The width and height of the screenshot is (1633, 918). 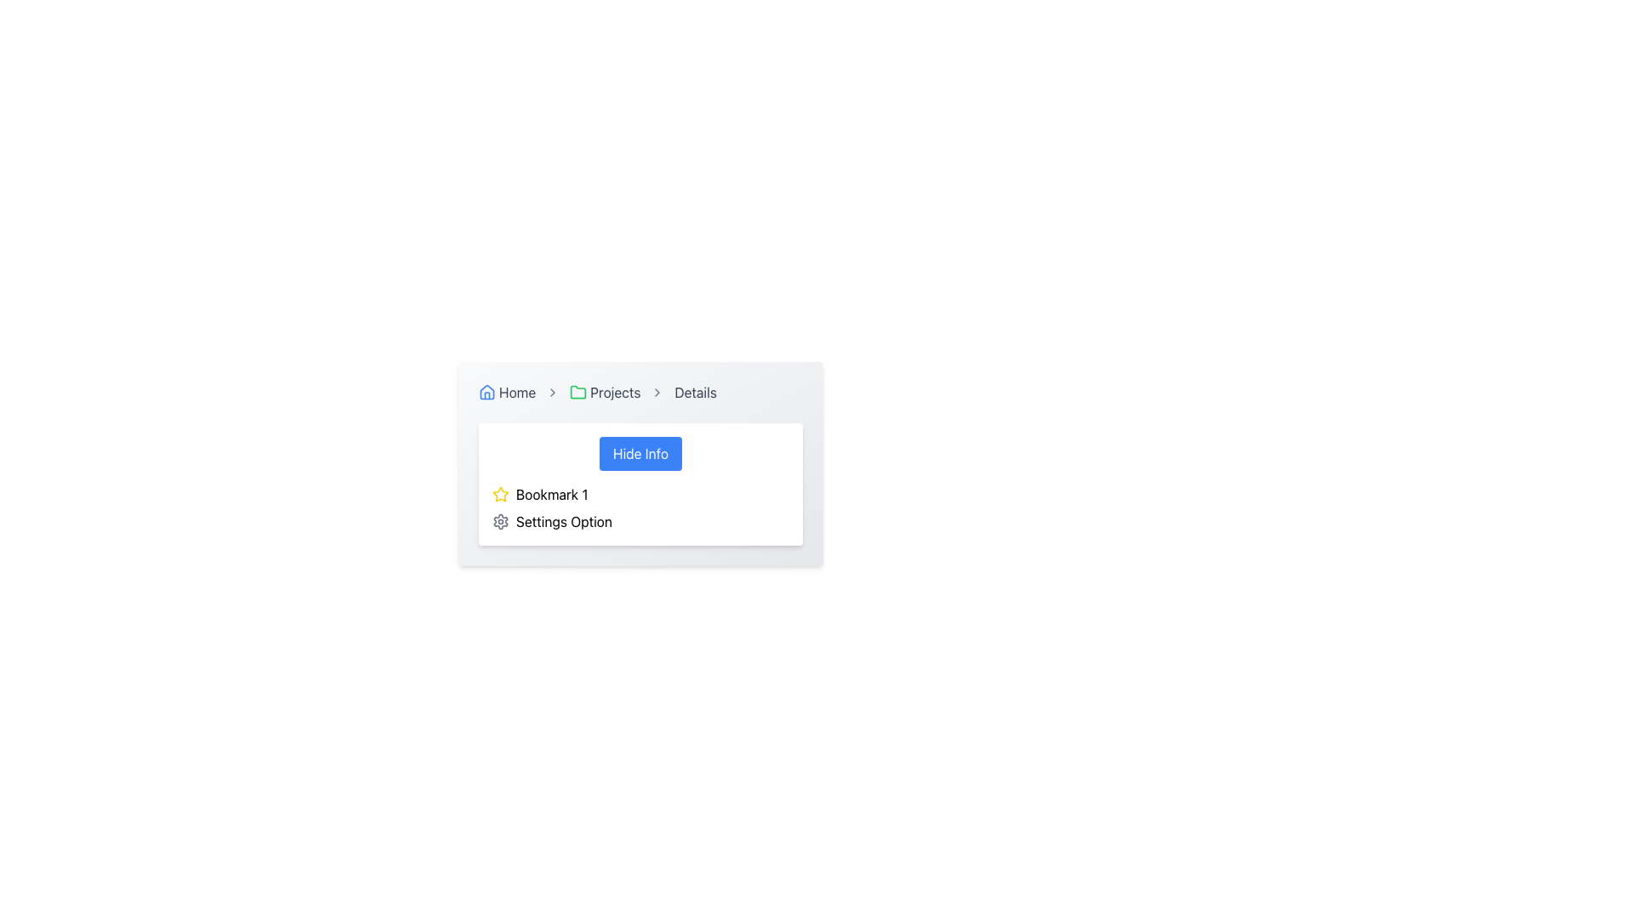 I want to click on the gear-shaped icon to the left of the 'Settings Option' text, so click(x=500, y=520).